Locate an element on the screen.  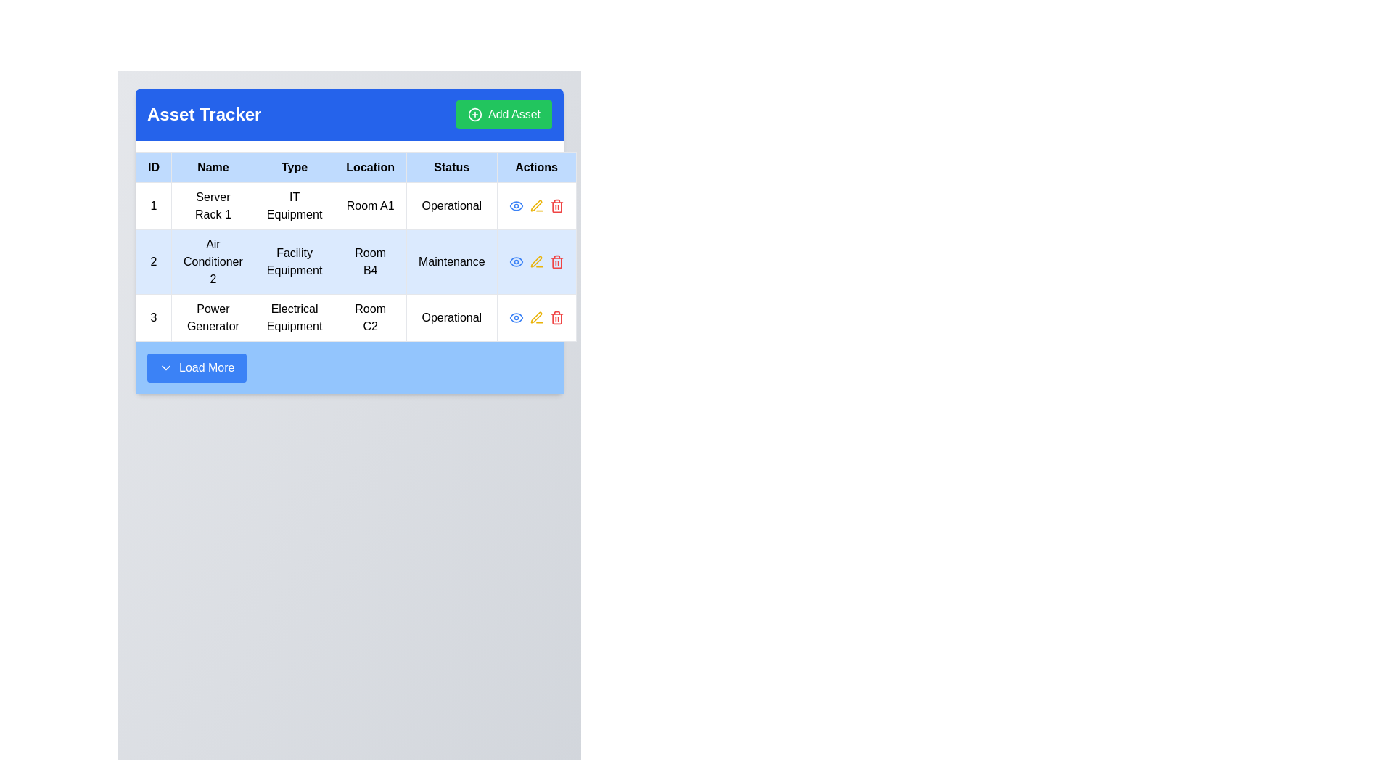
the status label indicating the operational status of the Power Generator in the third row of the table is located at coordinates (451, 317).